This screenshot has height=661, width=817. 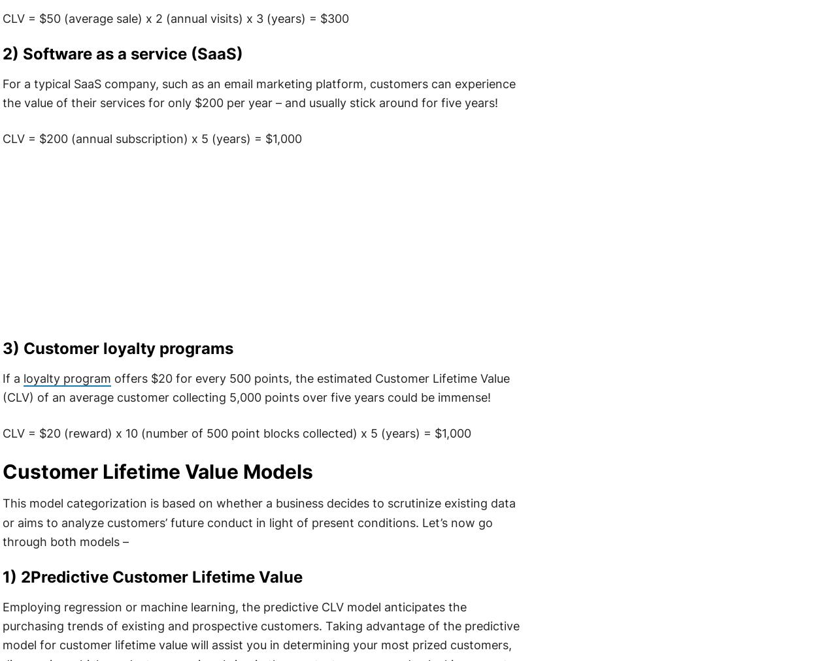 What do you see at coordinates (156, 471) in the screenshot?
I see `'Customer Lifetime Value Models'` at bounding box center [156, 471].